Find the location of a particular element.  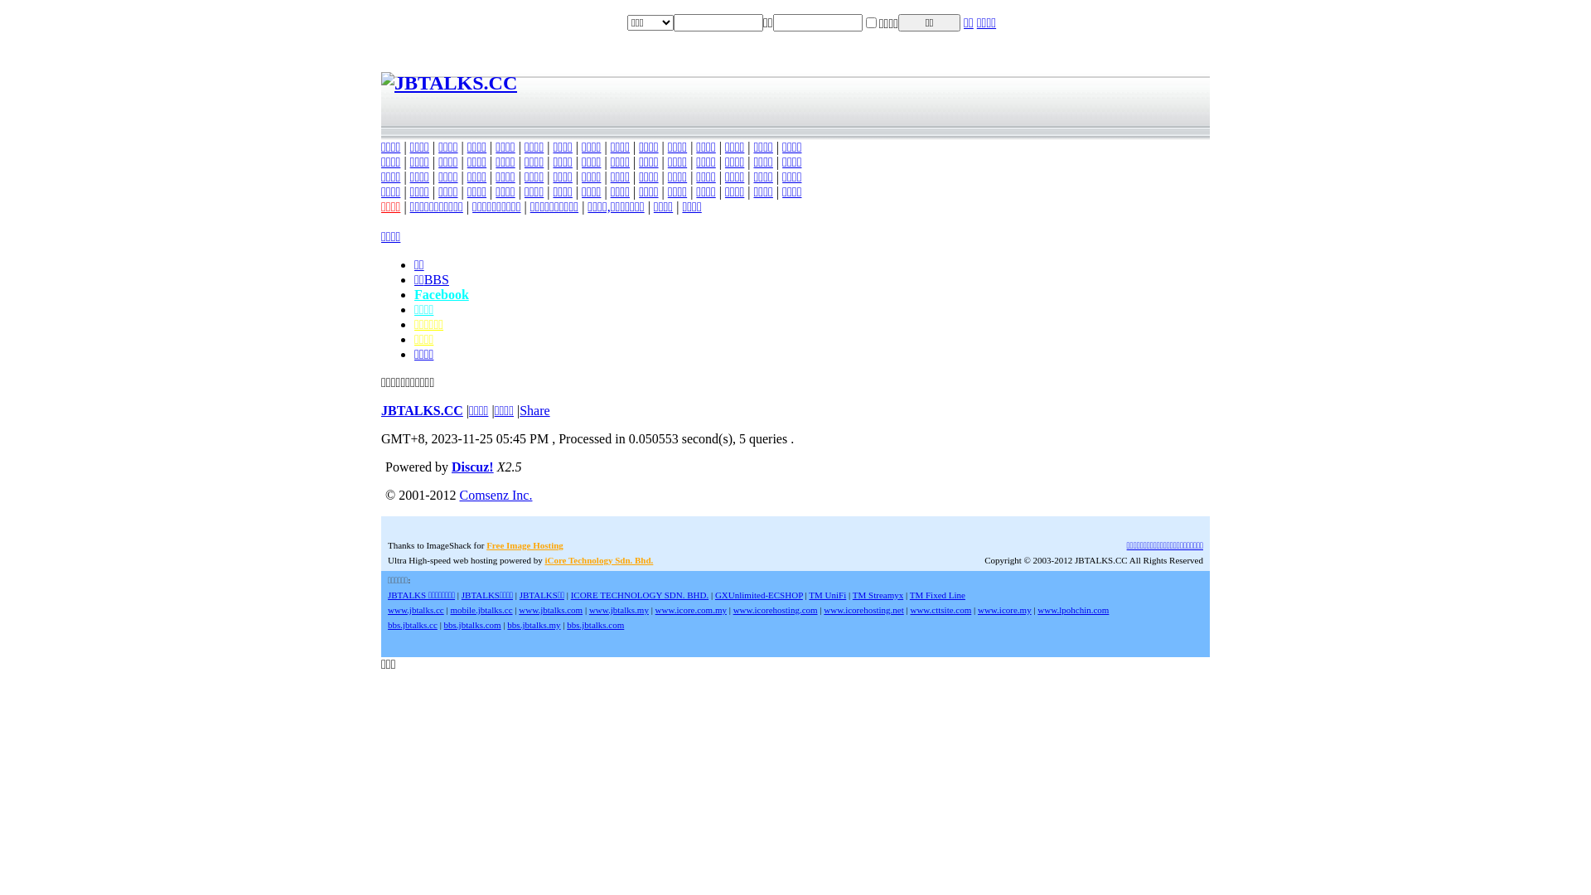

'Free Image Hosting' is located at coordinates (524, 545).